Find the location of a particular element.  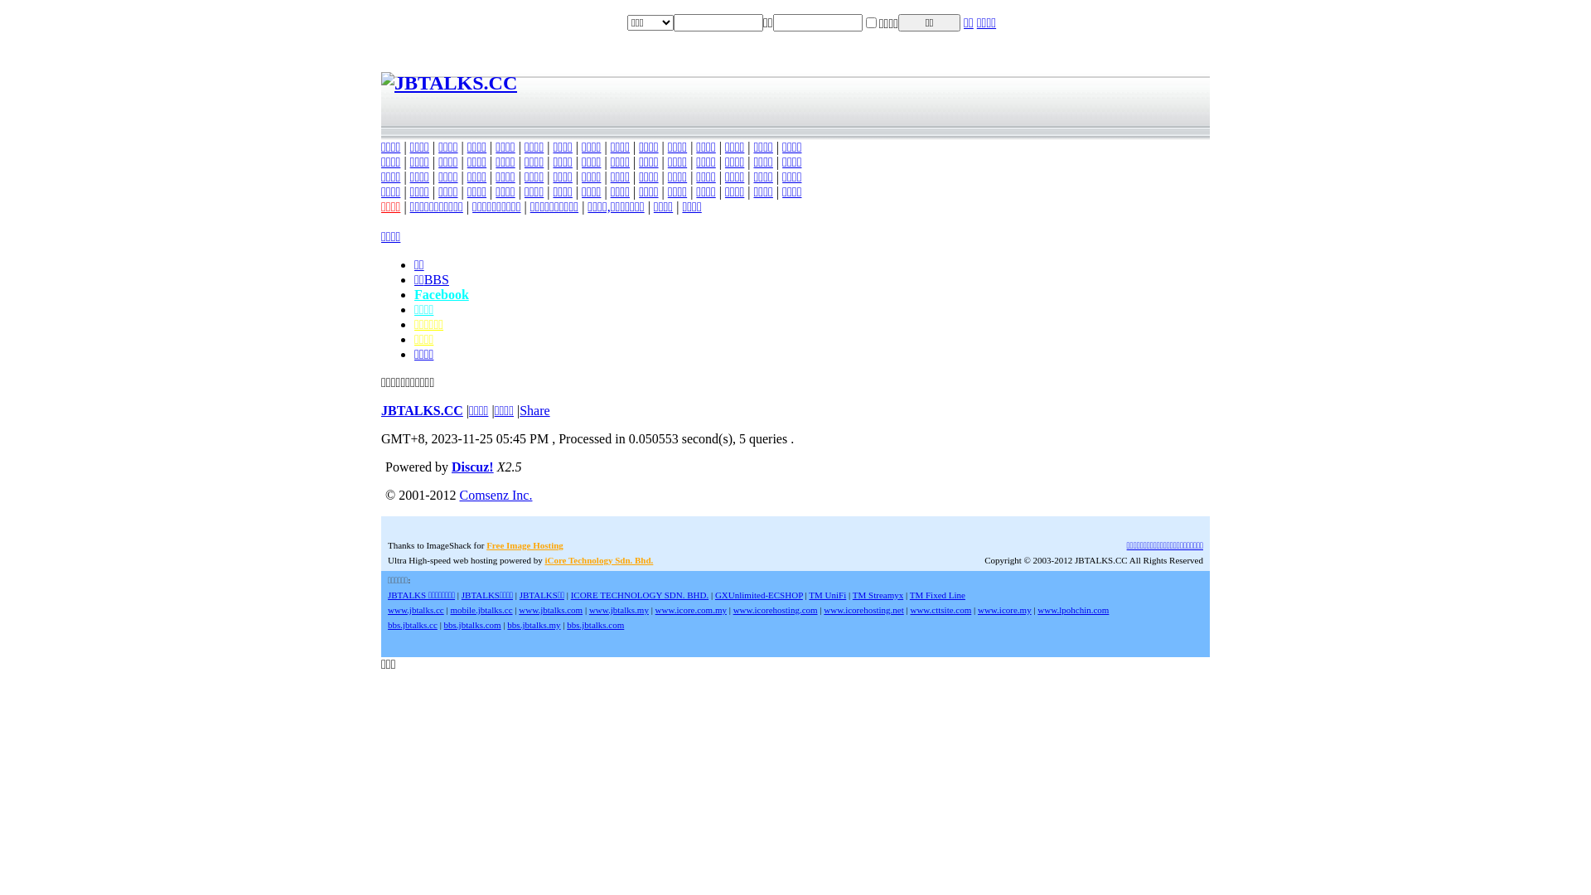

'Free Image Hosting' is located at coordinates (524, 545).